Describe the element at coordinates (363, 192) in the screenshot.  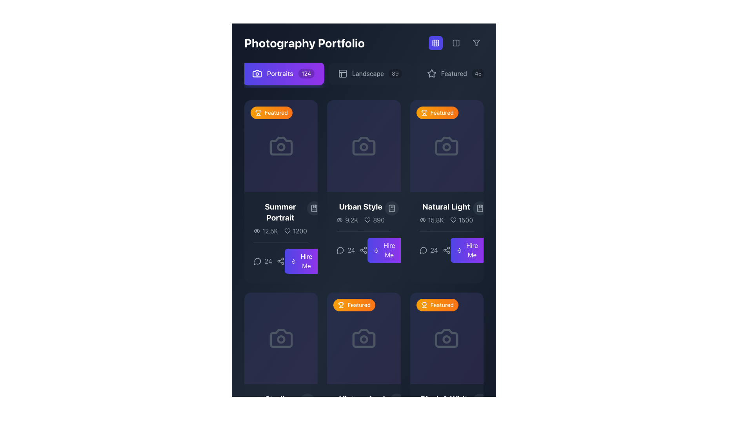
I see `the Portfolio card titled 'Urban Style' with a dark gray background and a violet 'Hire Me' button at the bottom right` at that location.